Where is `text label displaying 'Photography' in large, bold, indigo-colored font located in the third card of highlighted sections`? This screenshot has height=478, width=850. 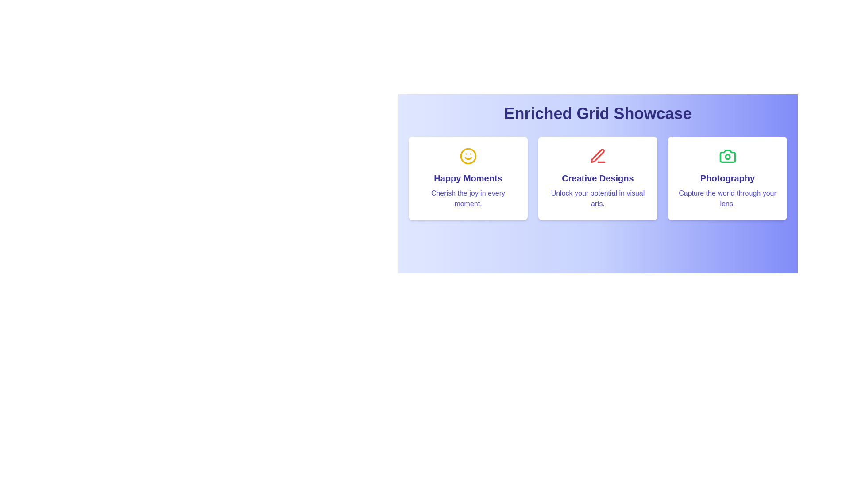 text label displaying 'Photography' in large, bold, indigo-colored font located in the third card of highlighted sections is located at coordinates (727, 178).